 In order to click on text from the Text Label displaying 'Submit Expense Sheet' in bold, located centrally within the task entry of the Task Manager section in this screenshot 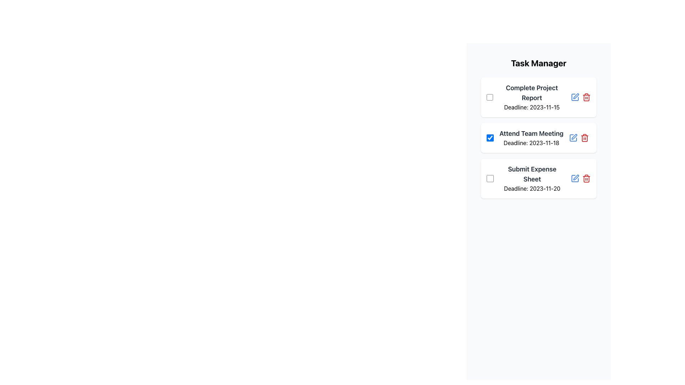, I will do `click(532, 174)`.